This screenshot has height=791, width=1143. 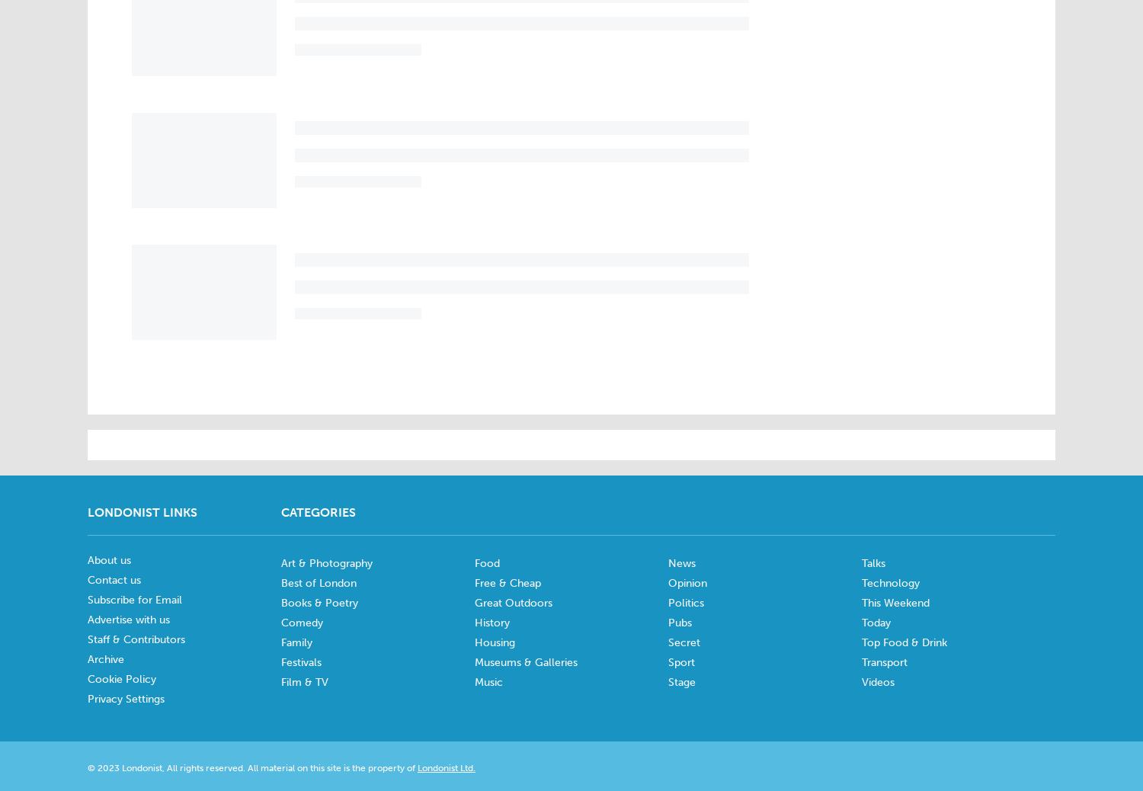 I want to click on 'Categories', so click(x=319, y=511).